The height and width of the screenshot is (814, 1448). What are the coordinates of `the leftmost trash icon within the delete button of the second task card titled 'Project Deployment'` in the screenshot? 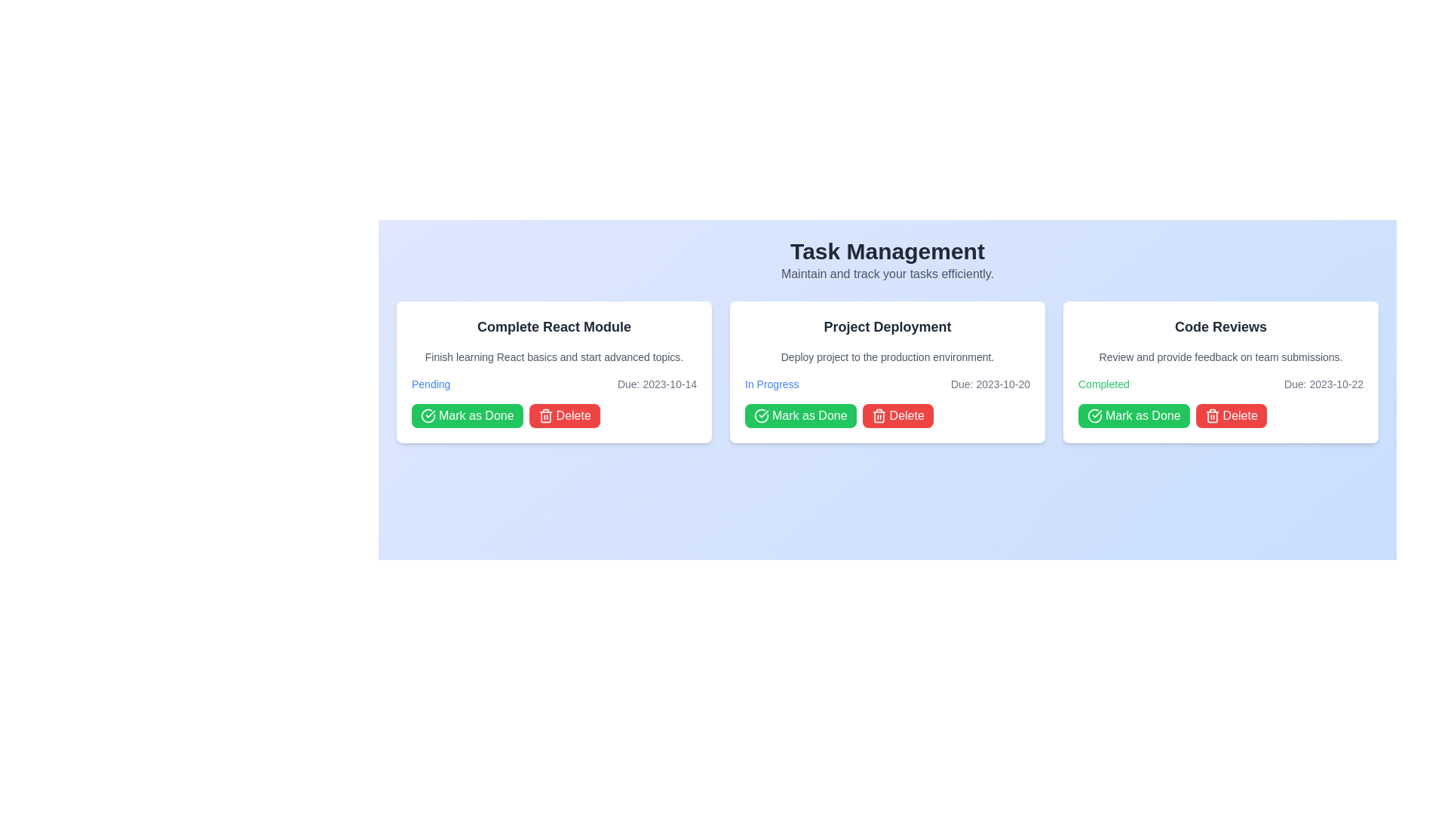 It's located at (879, 415).